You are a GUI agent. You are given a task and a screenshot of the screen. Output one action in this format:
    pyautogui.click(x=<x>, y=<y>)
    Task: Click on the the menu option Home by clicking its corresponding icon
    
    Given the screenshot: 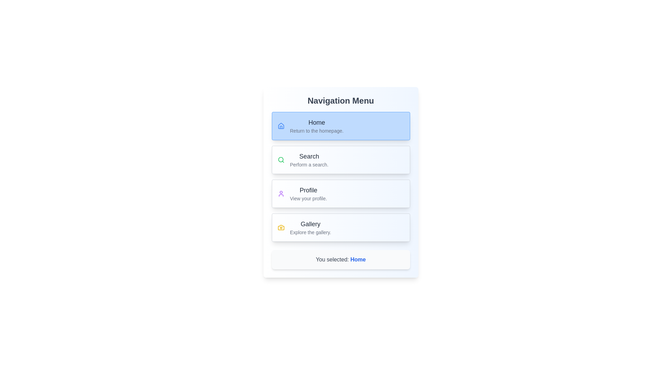 What is the action you would take?
    pyautogui.click(x=281, y=126)
    